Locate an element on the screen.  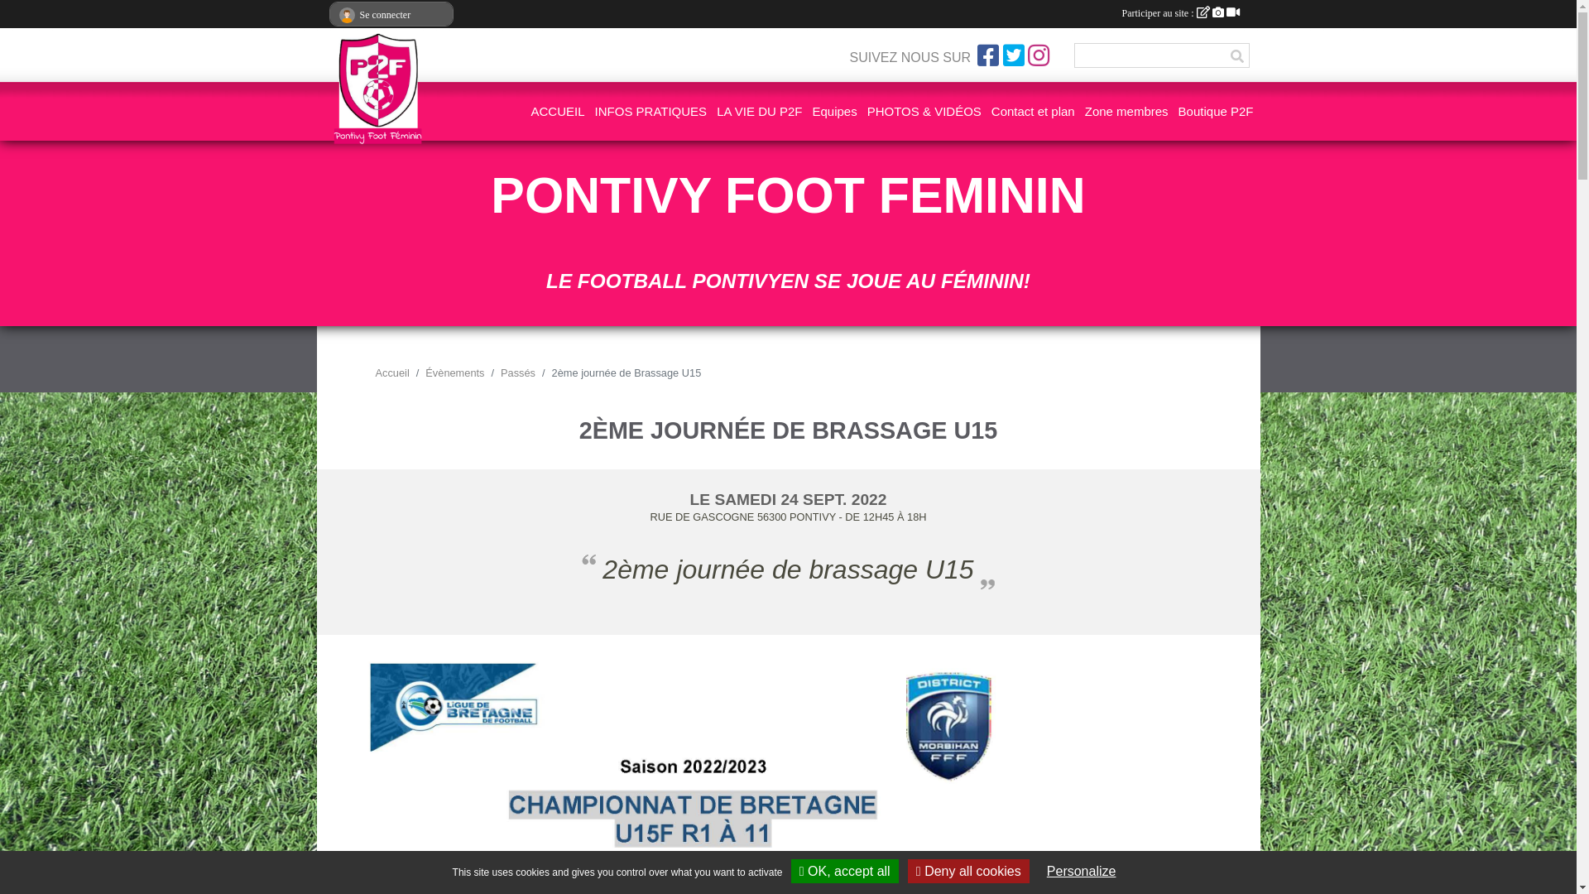
'Page Facebook de l'association' is located at coordinates (988, 54).